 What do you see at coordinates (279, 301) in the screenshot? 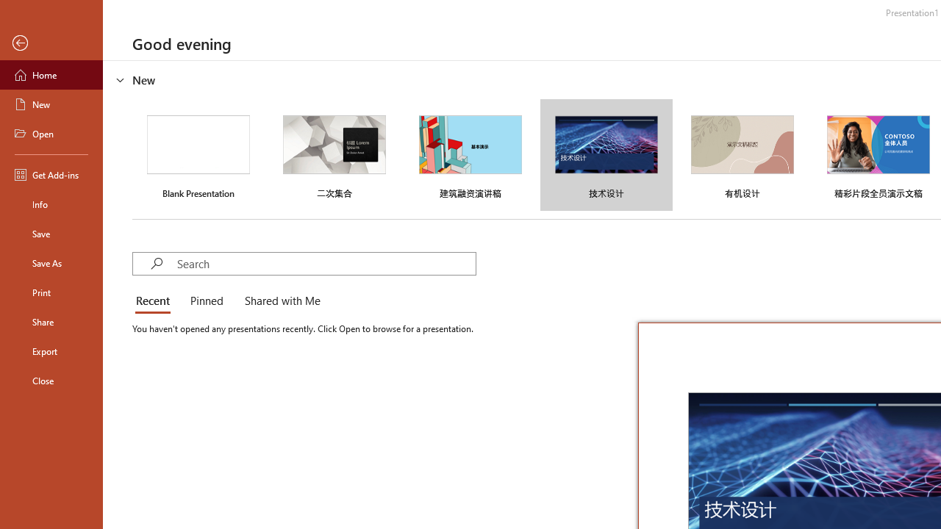
I see `'Shared with Me'` at bounding box center [279, 301].